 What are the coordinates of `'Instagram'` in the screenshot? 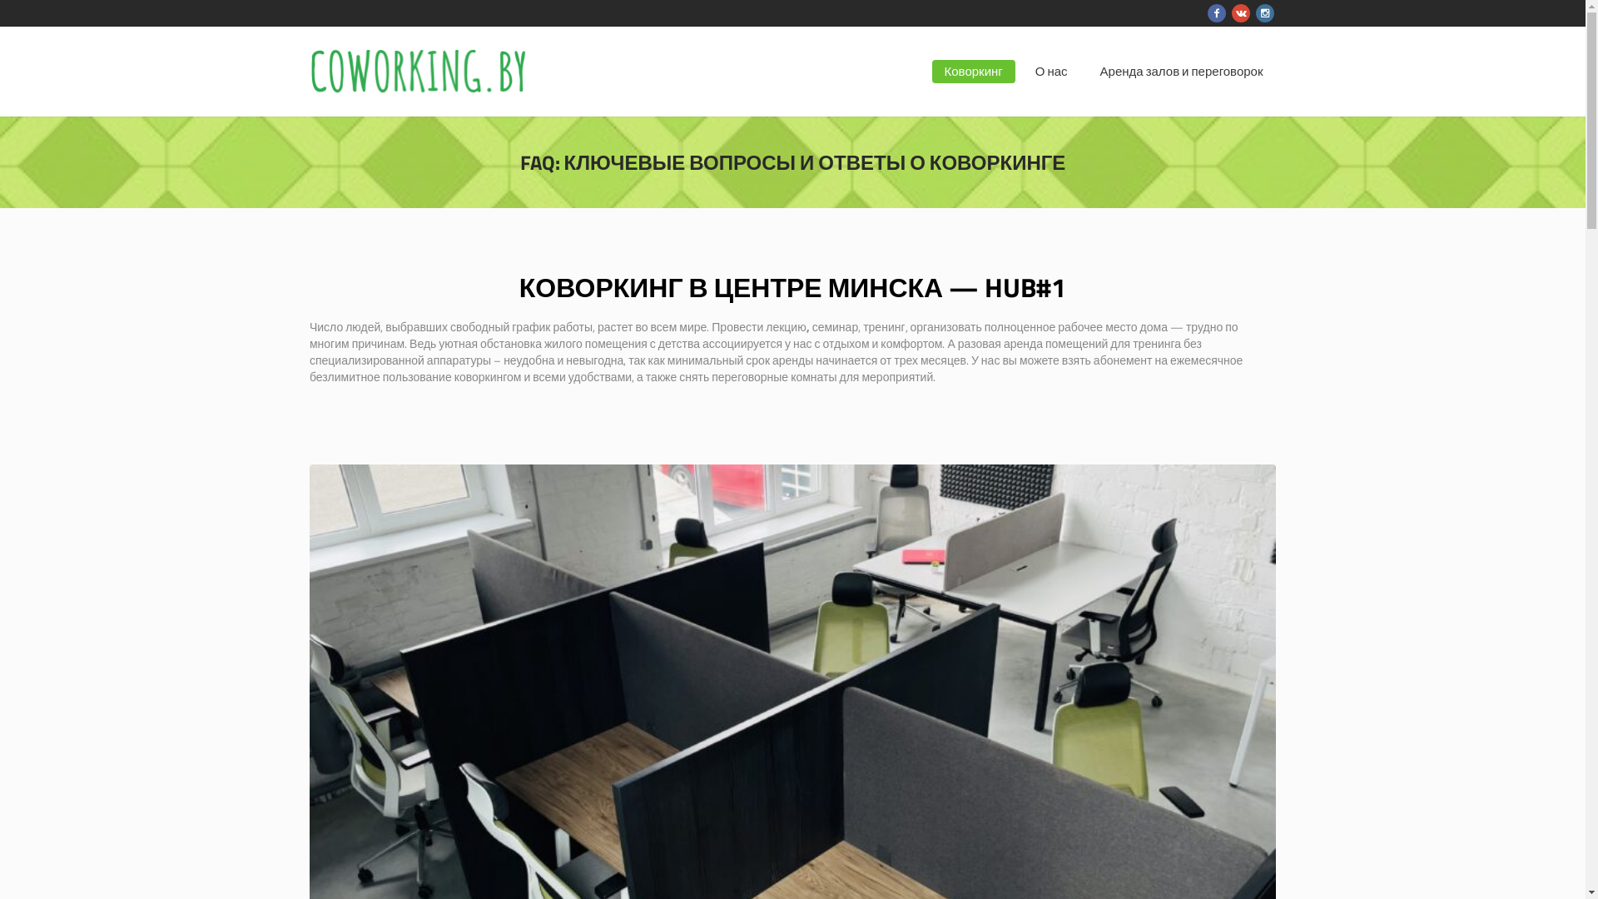 It's located at (1263, 12).